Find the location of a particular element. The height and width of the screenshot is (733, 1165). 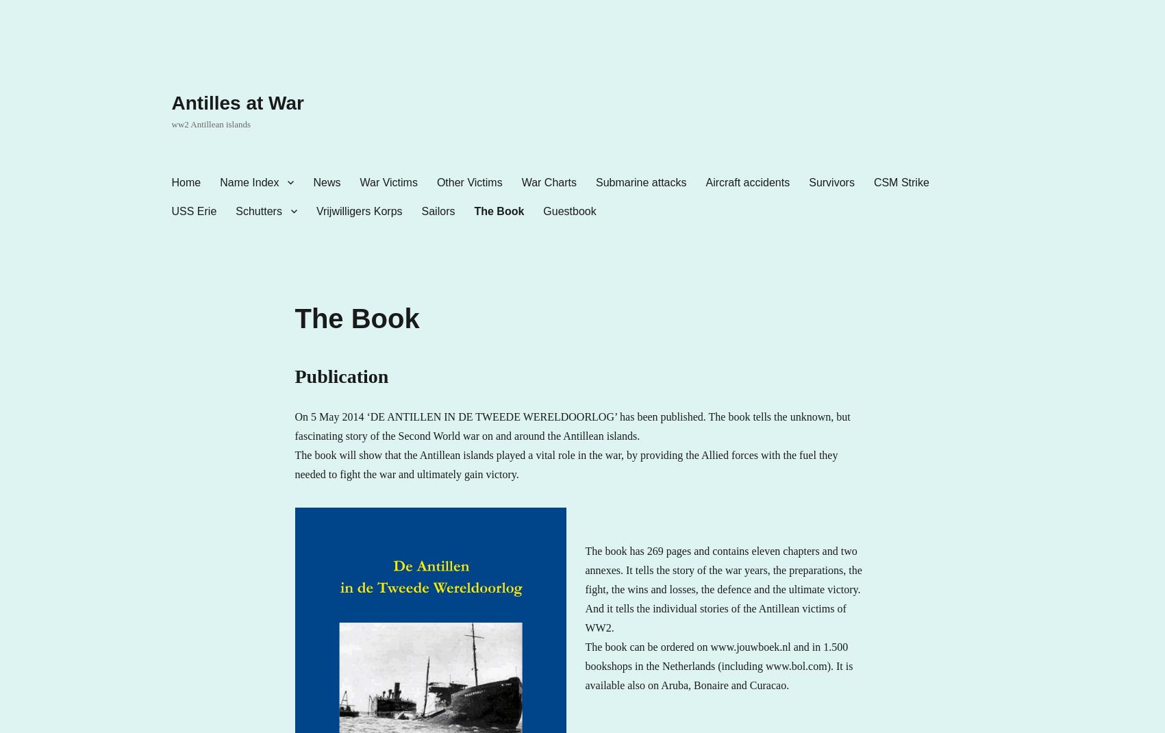

'War Victims' is located at coordinates (388, 181).